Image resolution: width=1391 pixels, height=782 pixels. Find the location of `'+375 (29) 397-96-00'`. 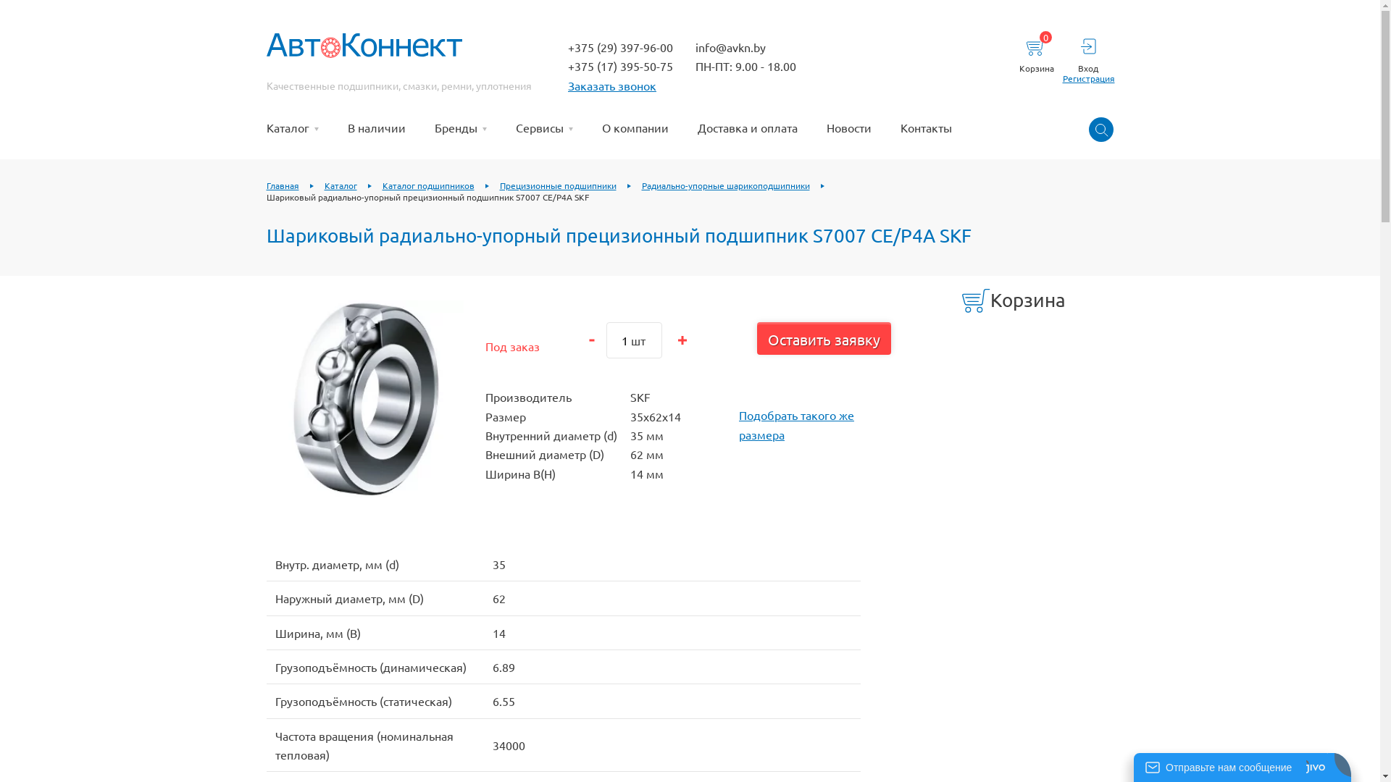

'+375 (29) 397-96-00' is located at coordinates (567, 46).